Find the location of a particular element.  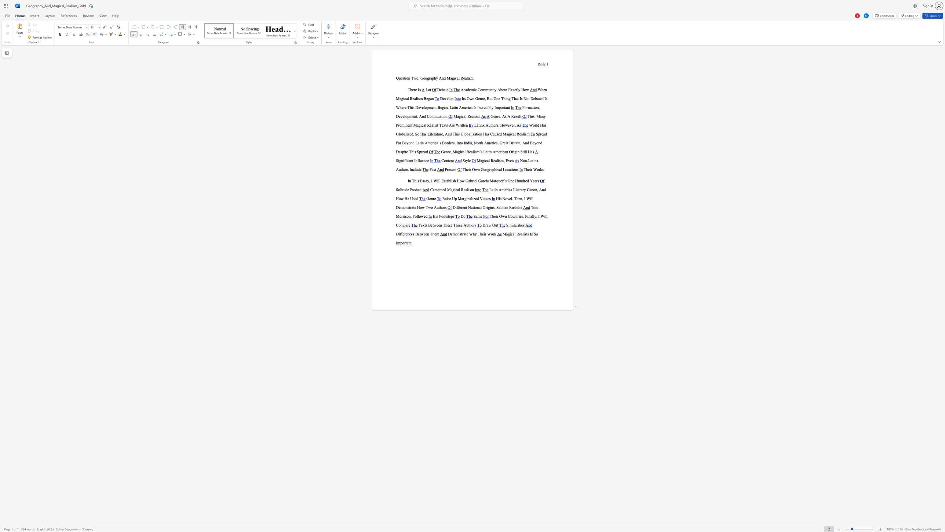

the subset text "Their Wor" within the text "Demonstrate Why Their Work" is located at coordinates (477, 234).